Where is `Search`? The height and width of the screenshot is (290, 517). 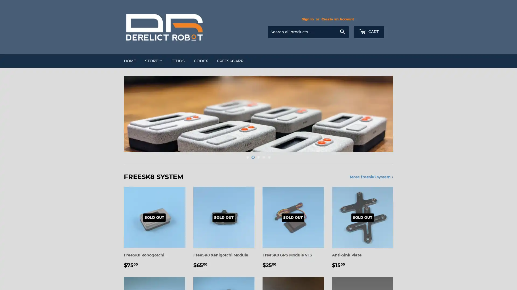 Search is located at coordinates (342, 32).